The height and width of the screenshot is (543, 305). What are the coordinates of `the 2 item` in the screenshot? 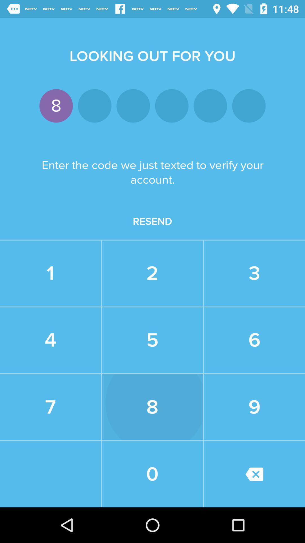 It's located at (152, 273).